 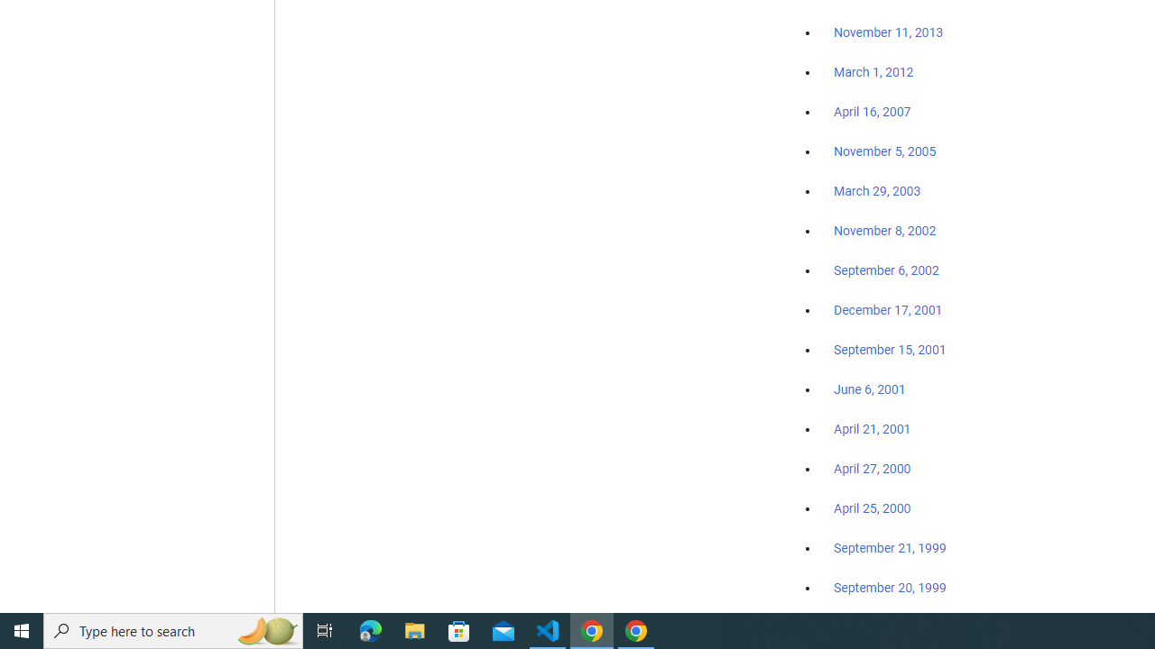 What do you see at coordinates (886, 270) in the screenshot?
I see `'September 6, 2002'` at bounding box center [886, 270].